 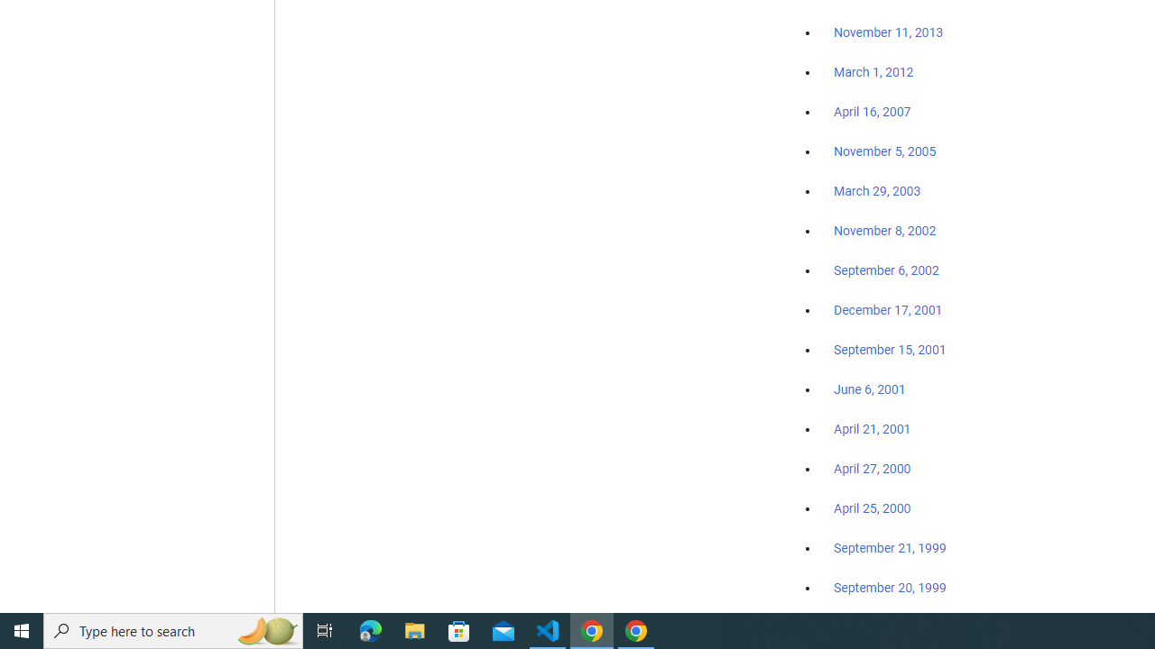 What do you see at coordinates (886, 270) in the screenshot?
I see `'September 6, 2002'` at bounding box center [886, 270].